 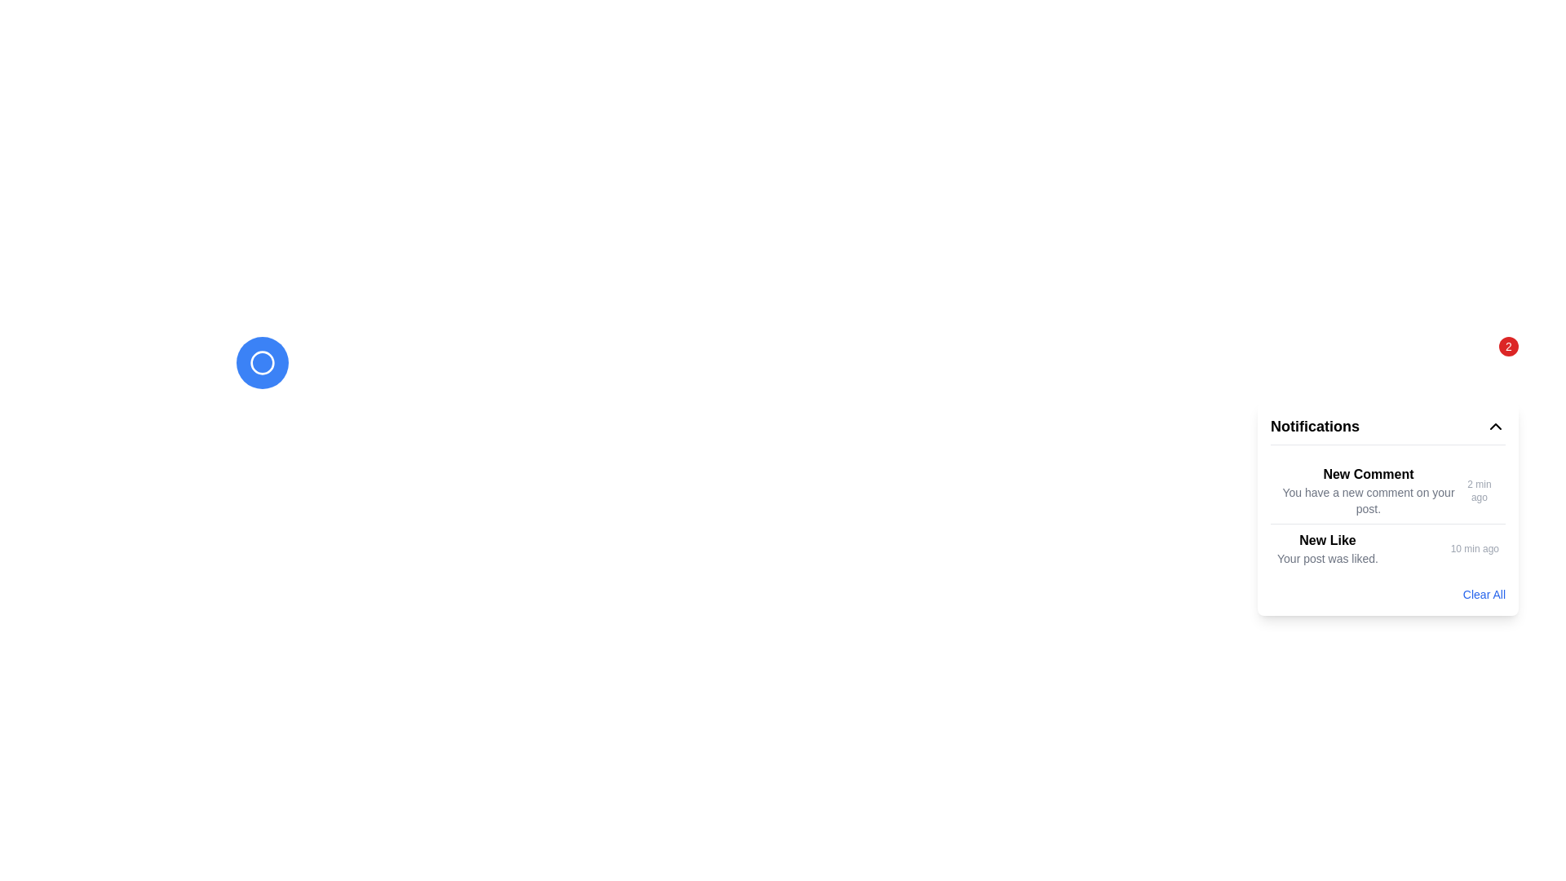 What do you see at coordinates (1387, 489) in the screenshot?
I see `the first notification entry with the heading 'New Comment' to read the associated comment` at bounding box center [1387, 489].